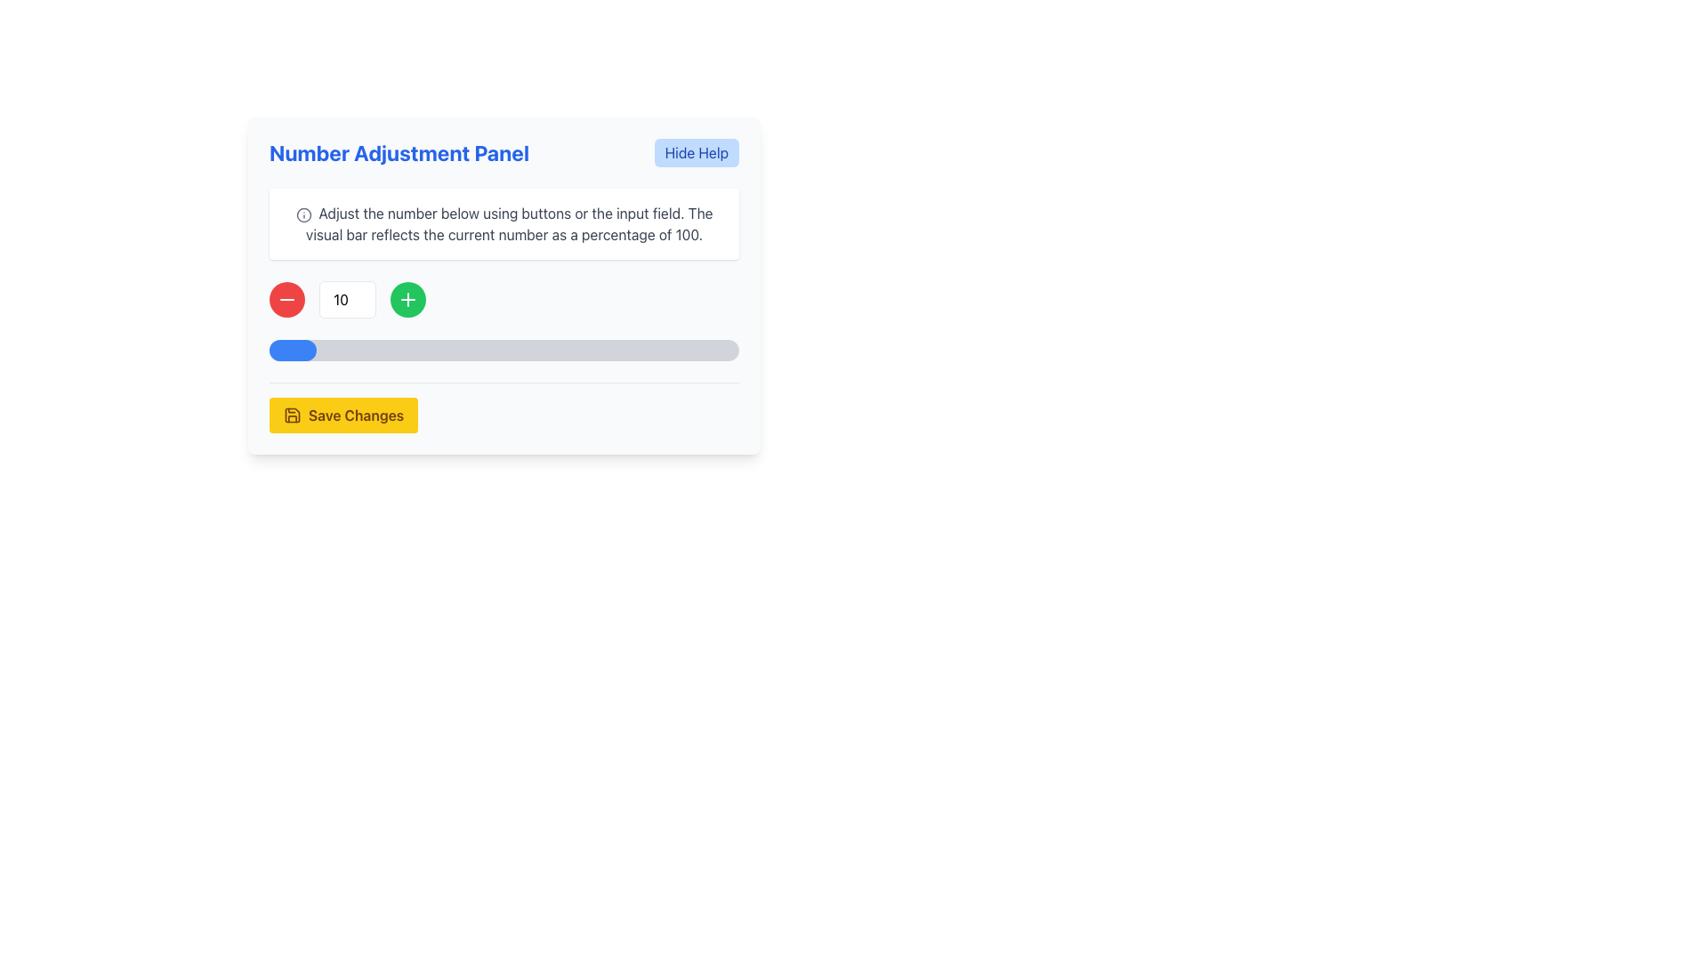 This screenshot has height=961, width=1708. Describe the element at coordinates (503, 350) in the screenshot. I see `the horizontal progress bar with rounded ends, which has a light gray background and a blue filled portion representing 10% progression, located within the 'Number Adjustment Panel' below the number input section` at that location.